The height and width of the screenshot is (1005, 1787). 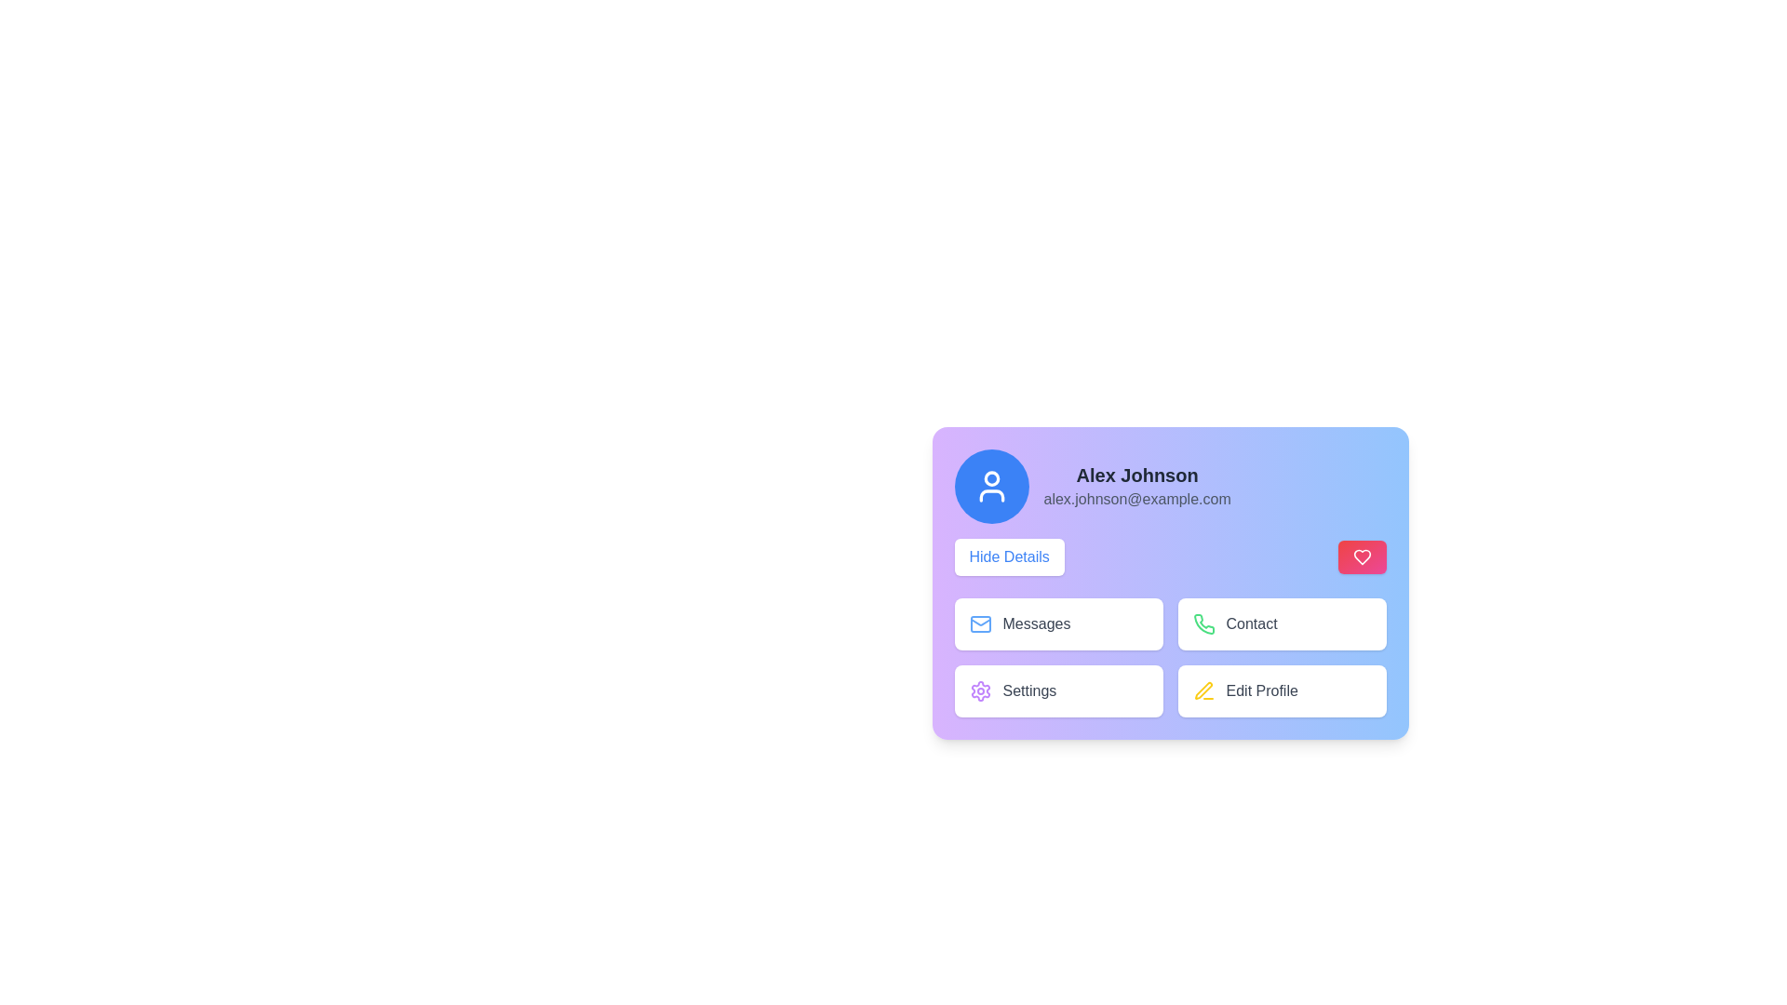 What do you see at coordinates (1362, 556) in the screenshot?
I see `the heart-like favorite icon located in the user details card adjacent to the user's name and email information` at bounding box center [1362, 556].